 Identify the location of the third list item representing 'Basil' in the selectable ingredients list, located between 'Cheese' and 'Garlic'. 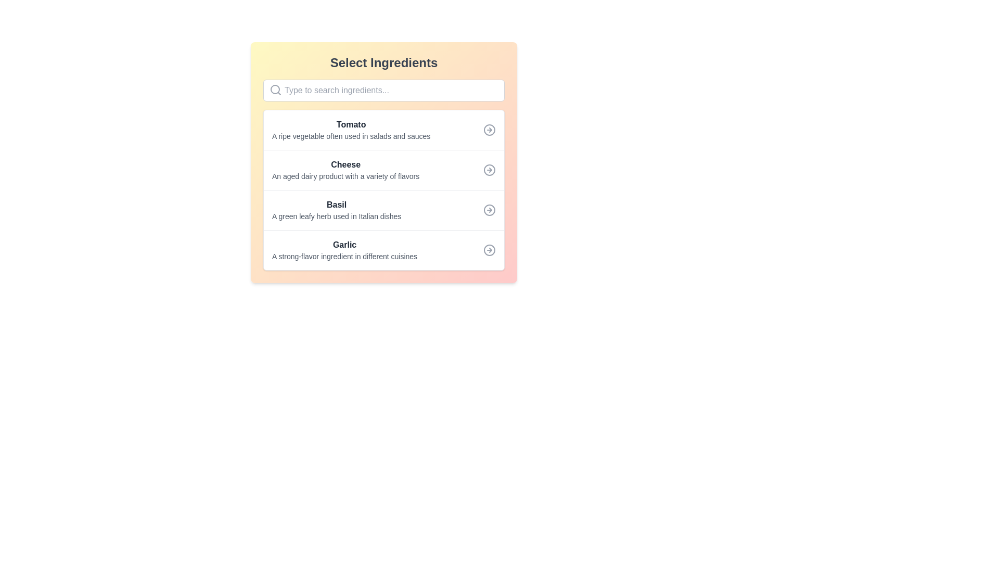
(383, 209).